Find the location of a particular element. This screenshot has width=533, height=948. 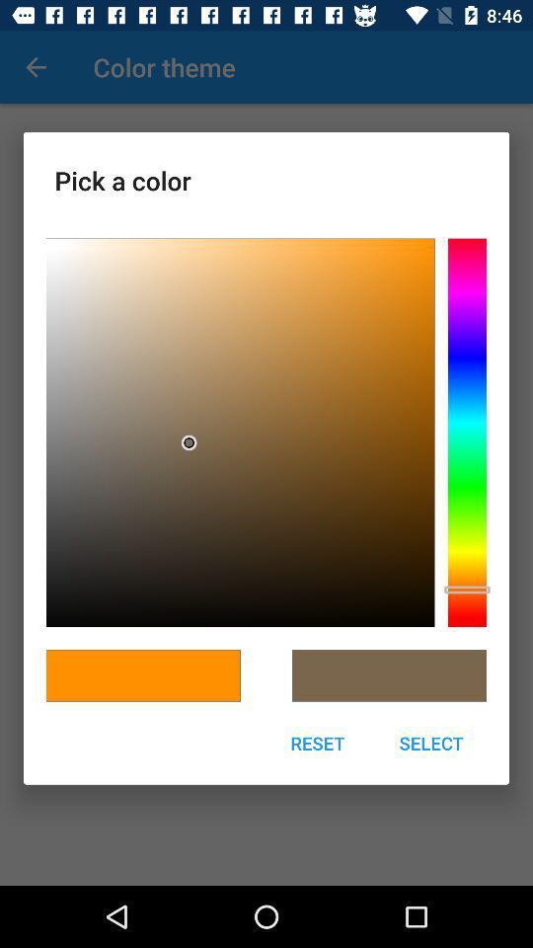

the item next to the reset is located at coordinates (430, 742).